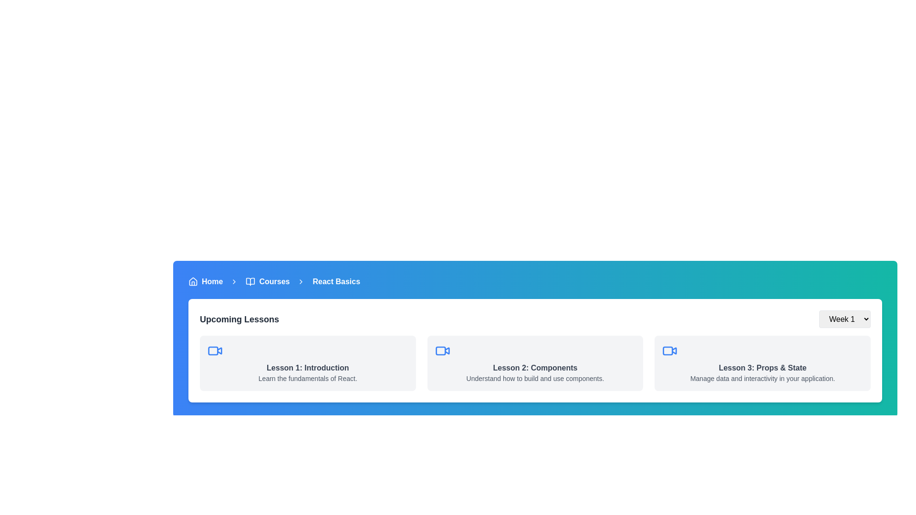  What do you see at coordinates (442, 351) in the screenshot?
I see `the multimedia icon located near the top-left corner preceding the text 'Lesson 2: Components' to interact with the contextual representation of the lesson title` at bounding box center [442, 351].